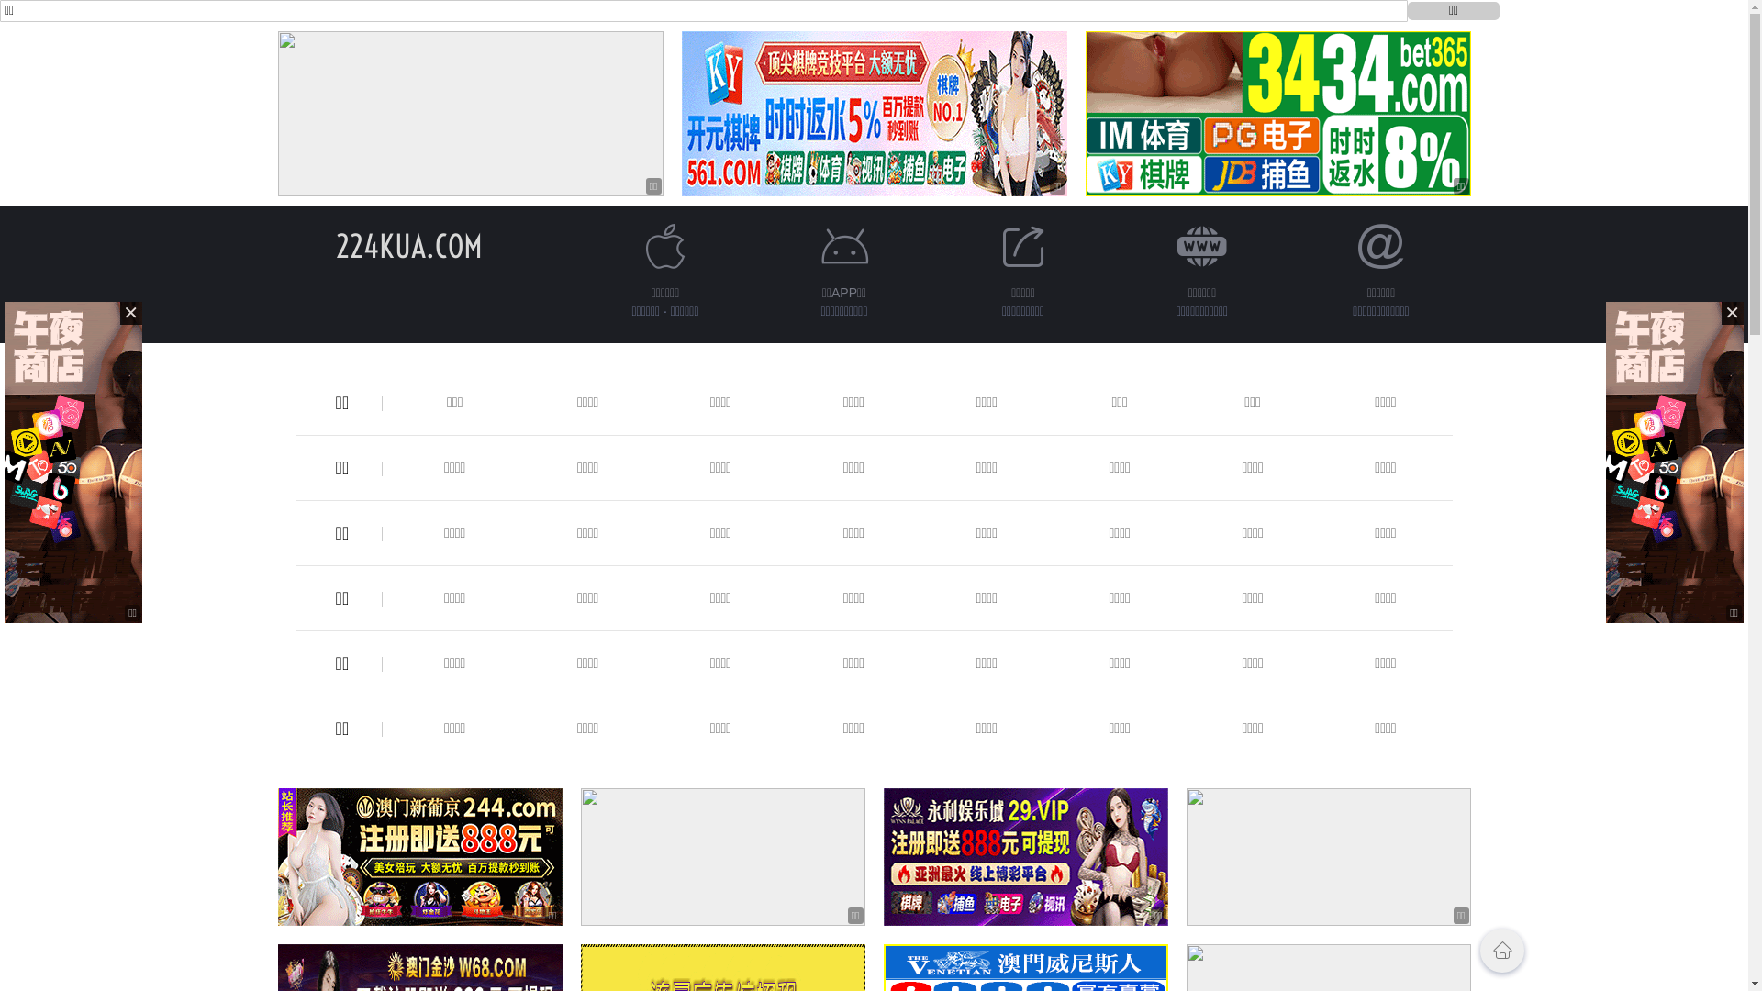 Image resolution: width=1762 pixels, height=991 pixels. Describe the element at coordinates (408, 245) in the screenshot. I see `'224KUA.COM'` at that location.